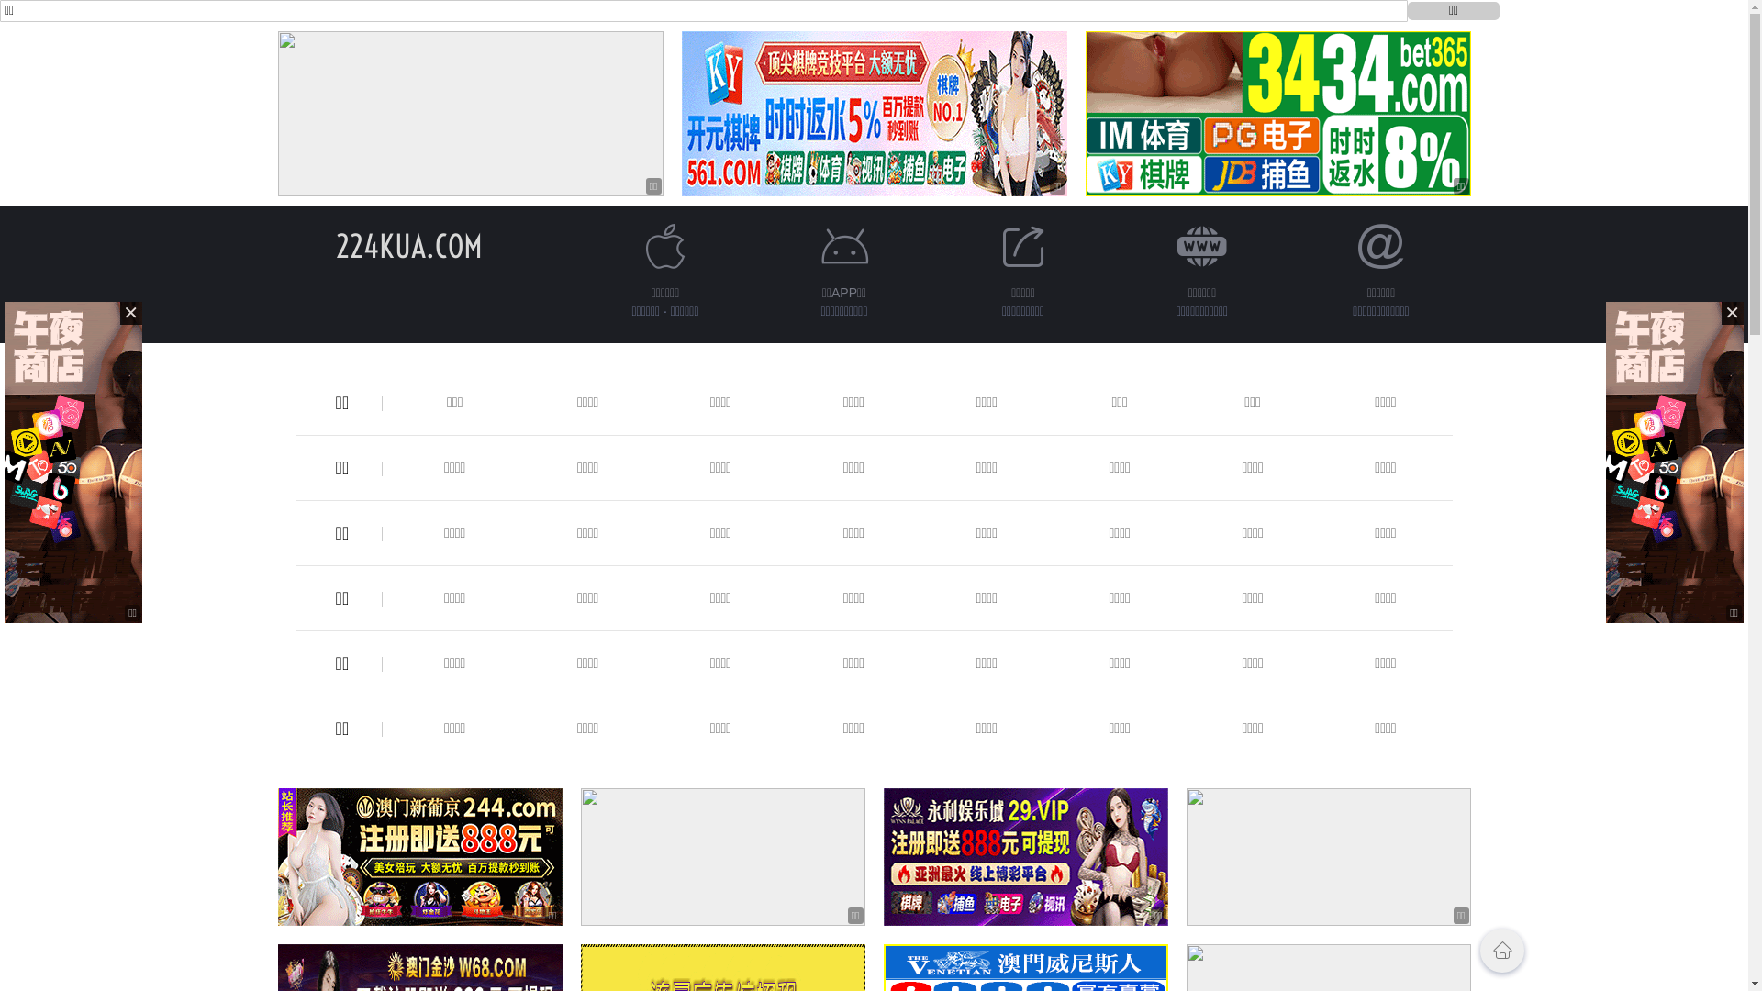 Image resolution: width=1762 pixels, height=991 pixels. Describe the element at coordinates (408, 245) in the screenshot. I see `'224KUA.COM'` at that location.